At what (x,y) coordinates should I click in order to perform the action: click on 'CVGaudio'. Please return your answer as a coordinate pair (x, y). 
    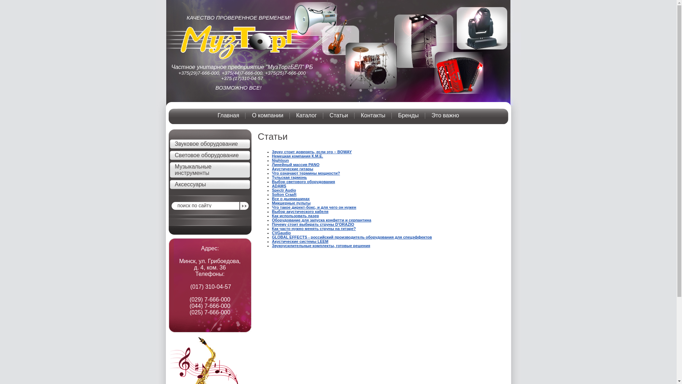
    Looking at the image, I should click on (281, 233).